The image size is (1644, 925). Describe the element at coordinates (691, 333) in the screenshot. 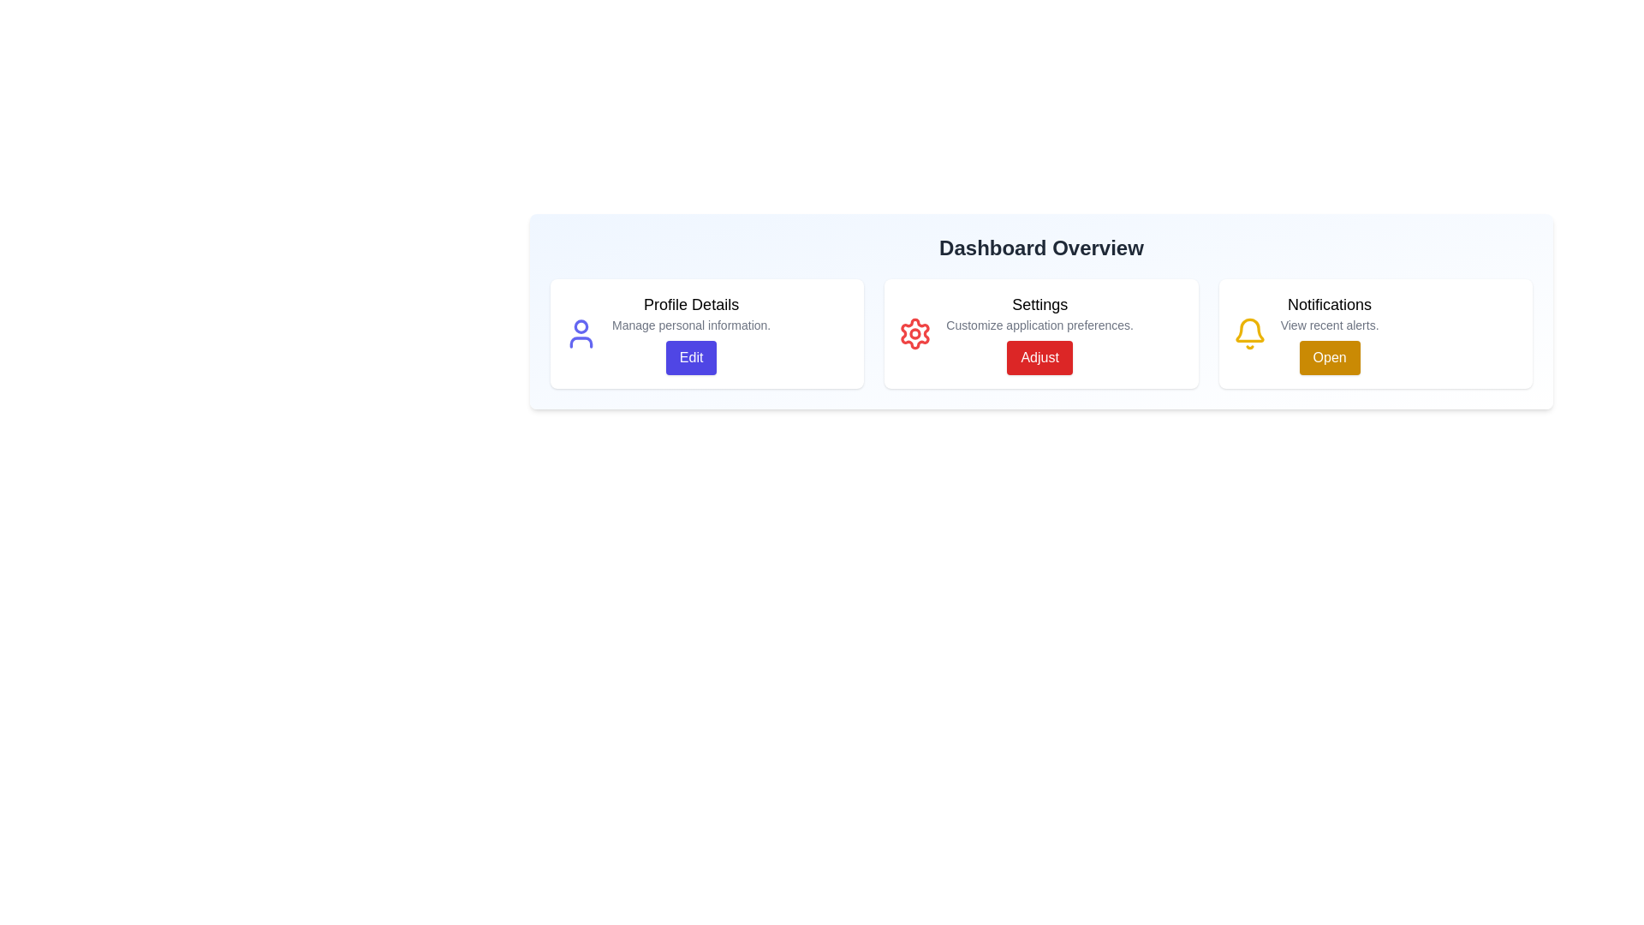

I see `the 'Edit' button in the profile details section of the dashboard to initiate editing of personal information` at that location.